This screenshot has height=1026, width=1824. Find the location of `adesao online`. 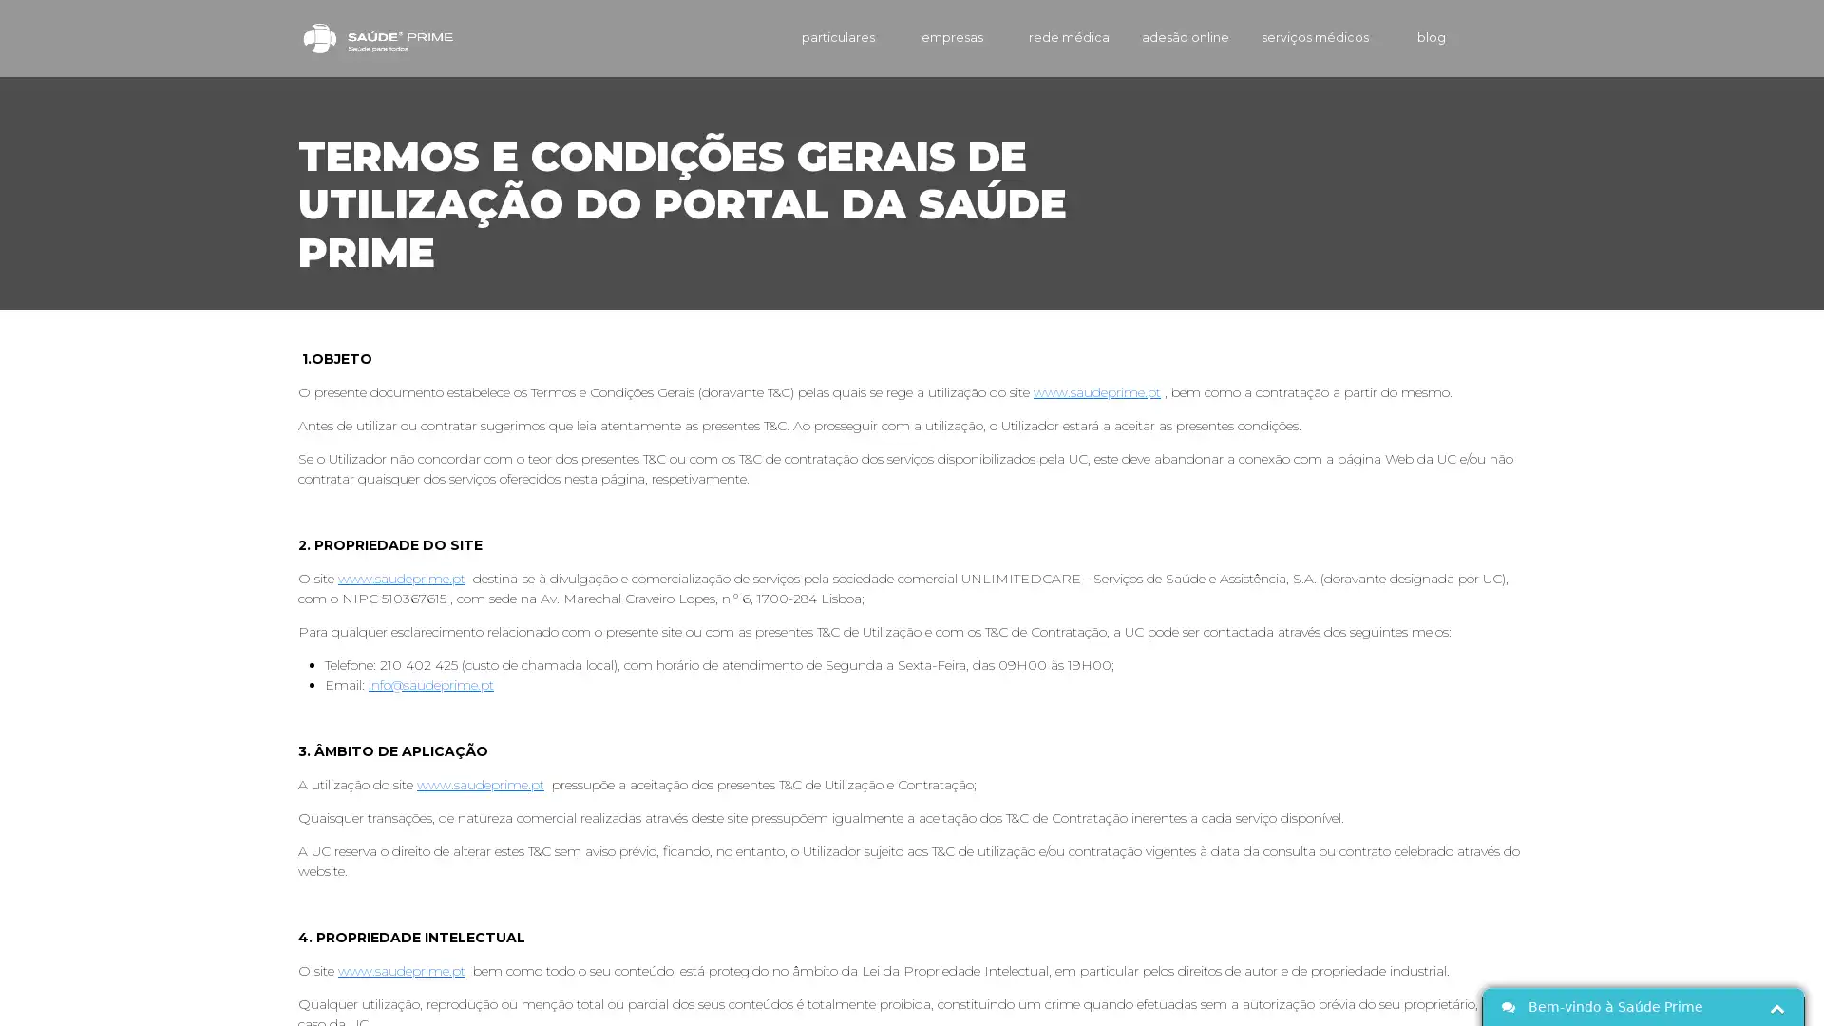

adesao online is located at coordinates (1161, 37).